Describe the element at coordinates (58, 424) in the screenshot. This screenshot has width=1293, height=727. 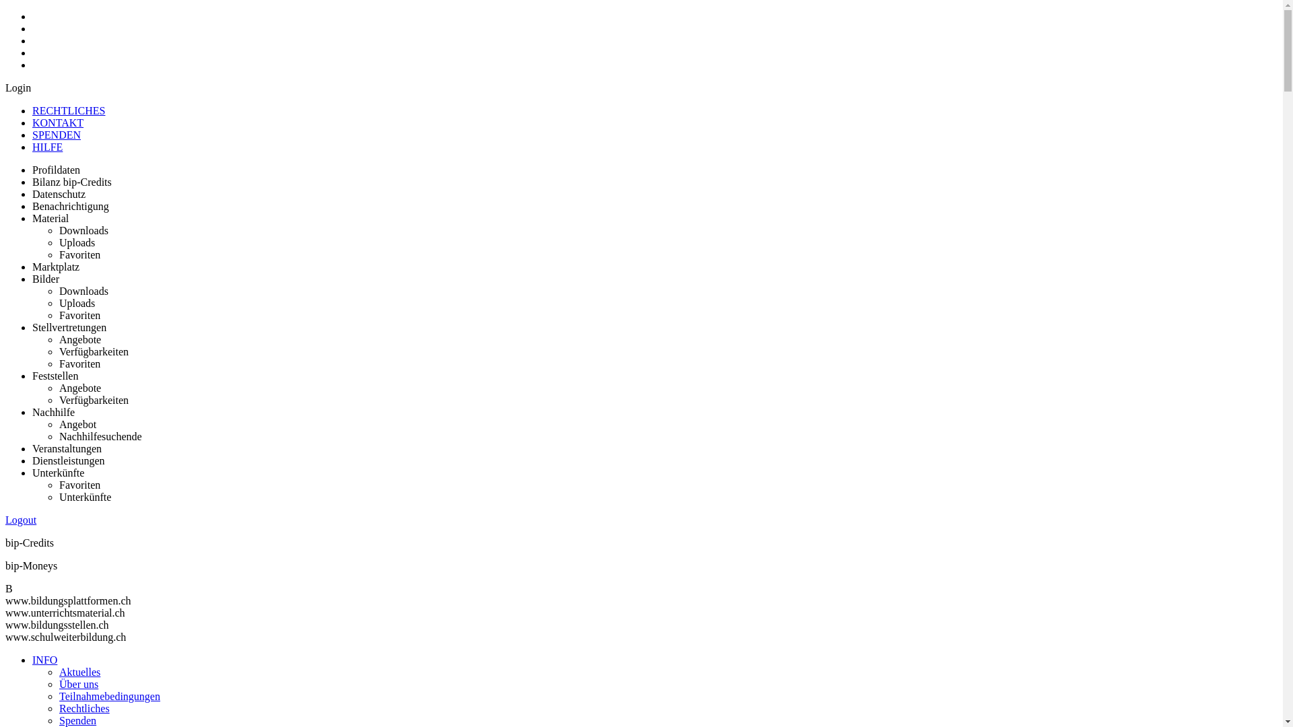
I see `'Angebot'` at that location.